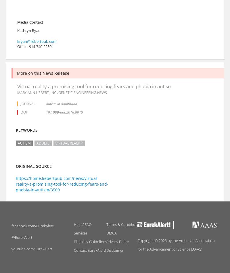 This screenshot has height=273, width=230. Describe the element at coordinates (33, 166) in the screenshot. I see `'Original Source'` at that location.